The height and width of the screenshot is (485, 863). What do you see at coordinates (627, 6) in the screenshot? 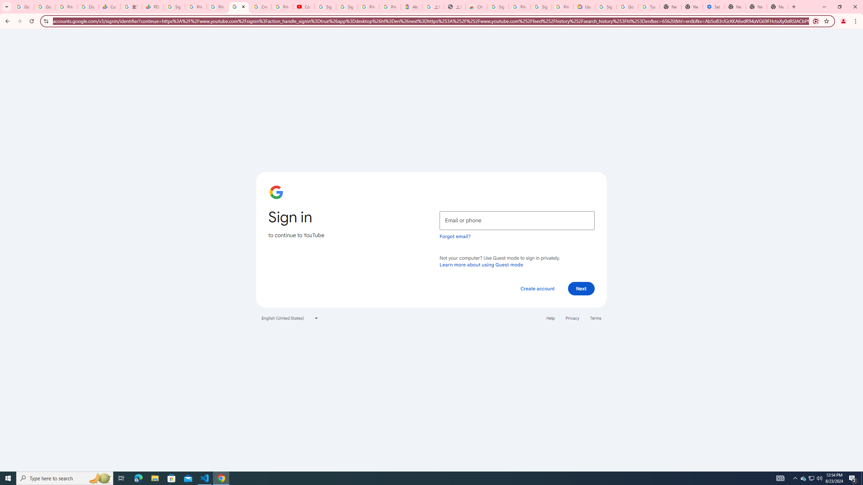
I see `'Google Account Help'` at bounding box center [627, 6].